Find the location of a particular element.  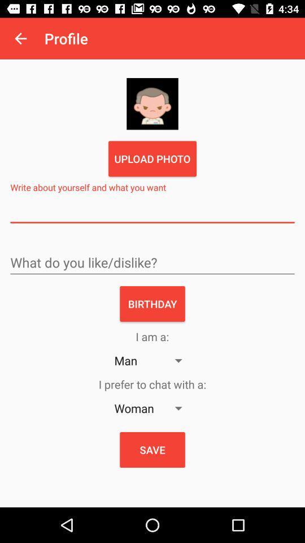

input description is located at coordinates (152, 211).